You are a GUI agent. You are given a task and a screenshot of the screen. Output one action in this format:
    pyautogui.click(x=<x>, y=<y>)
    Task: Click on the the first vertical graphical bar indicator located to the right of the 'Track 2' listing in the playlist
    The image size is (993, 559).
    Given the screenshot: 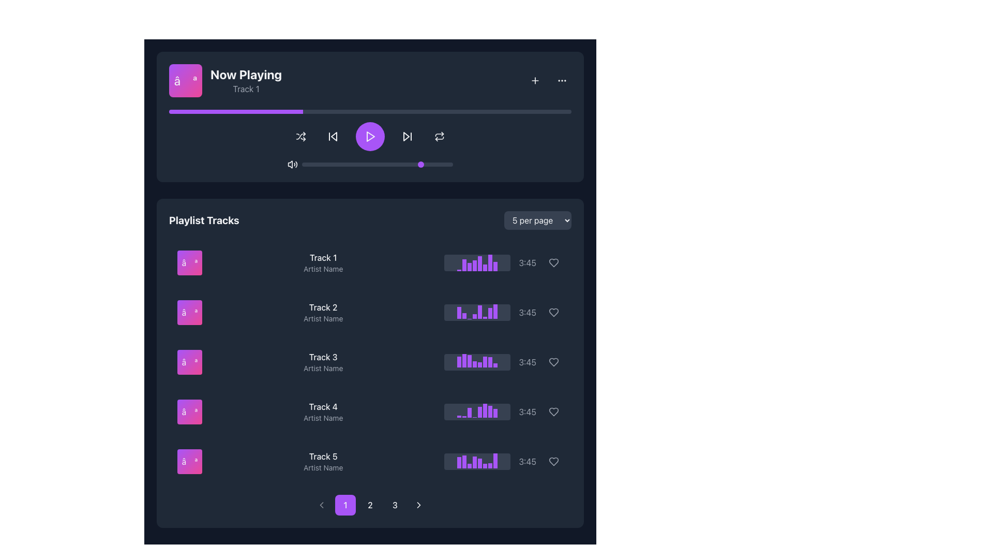 What is the action you would take?
    pyautogui.click(x=459, y=312)
    